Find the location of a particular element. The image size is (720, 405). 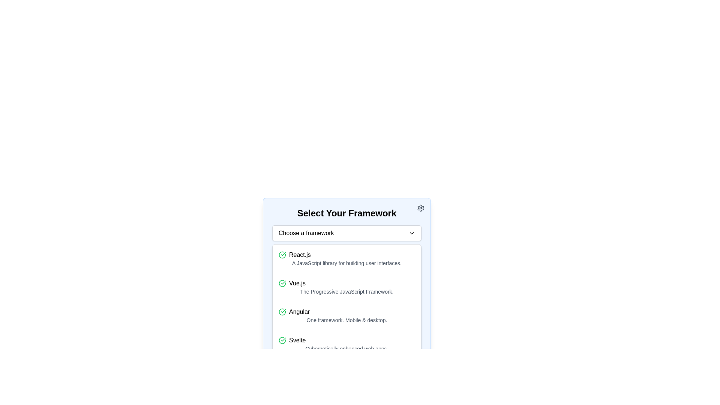

the circular green icon with a checkmark inside, which indicates a positive action or confirmation, located to the left of the text 'Svelte' is located at coordinates (282, 340).